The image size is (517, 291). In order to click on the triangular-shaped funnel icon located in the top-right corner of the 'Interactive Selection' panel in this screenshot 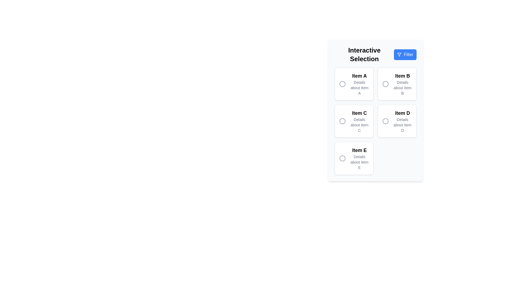, I will do `click(399, 55)`.